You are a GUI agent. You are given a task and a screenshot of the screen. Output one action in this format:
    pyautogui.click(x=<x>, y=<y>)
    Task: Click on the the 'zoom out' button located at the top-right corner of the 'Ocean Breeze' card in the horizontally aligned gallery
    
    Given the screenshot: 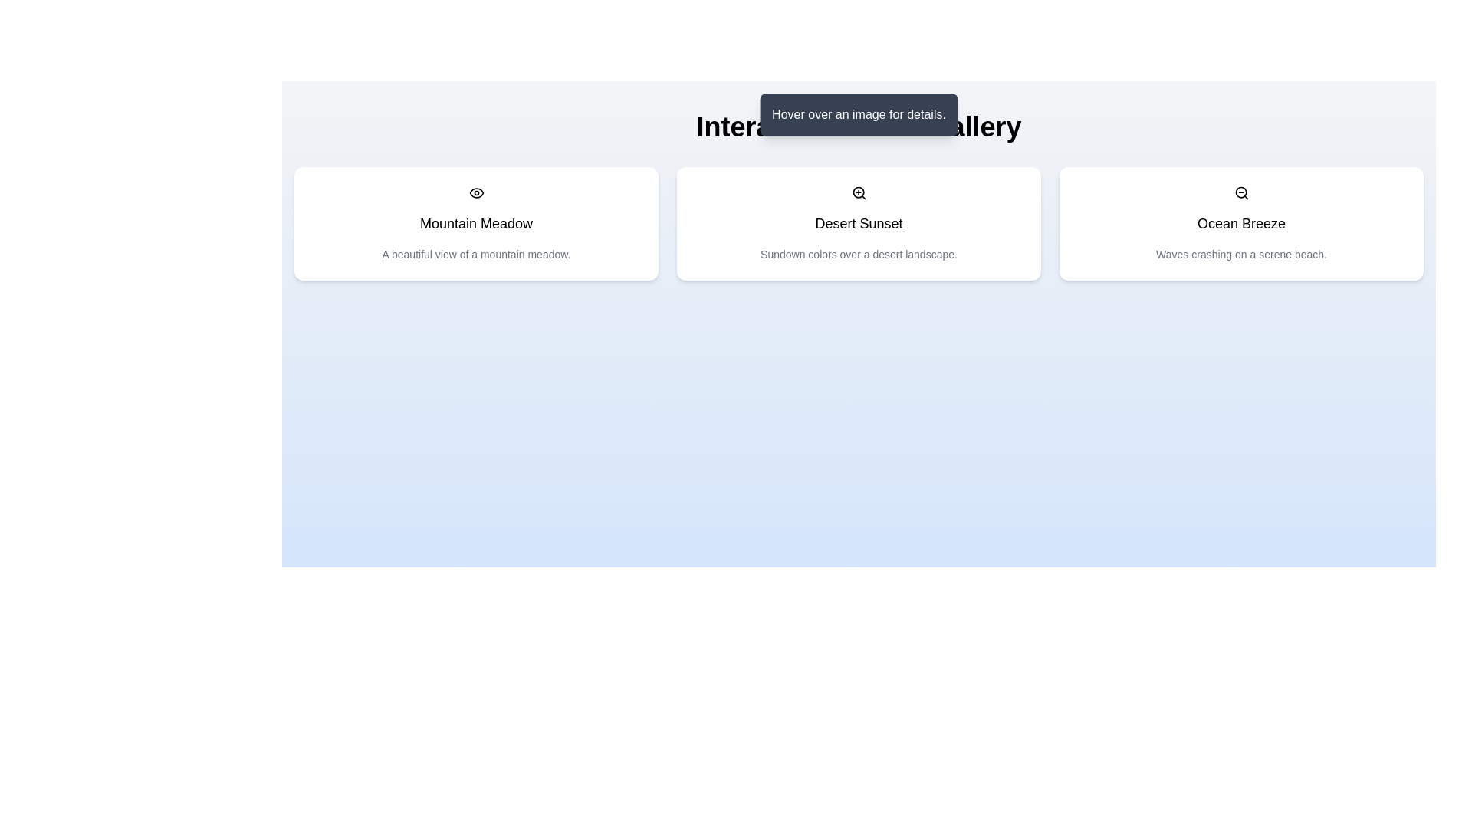 What is the action you would take?
    pyautogui.click(x=1241, y=192)
    